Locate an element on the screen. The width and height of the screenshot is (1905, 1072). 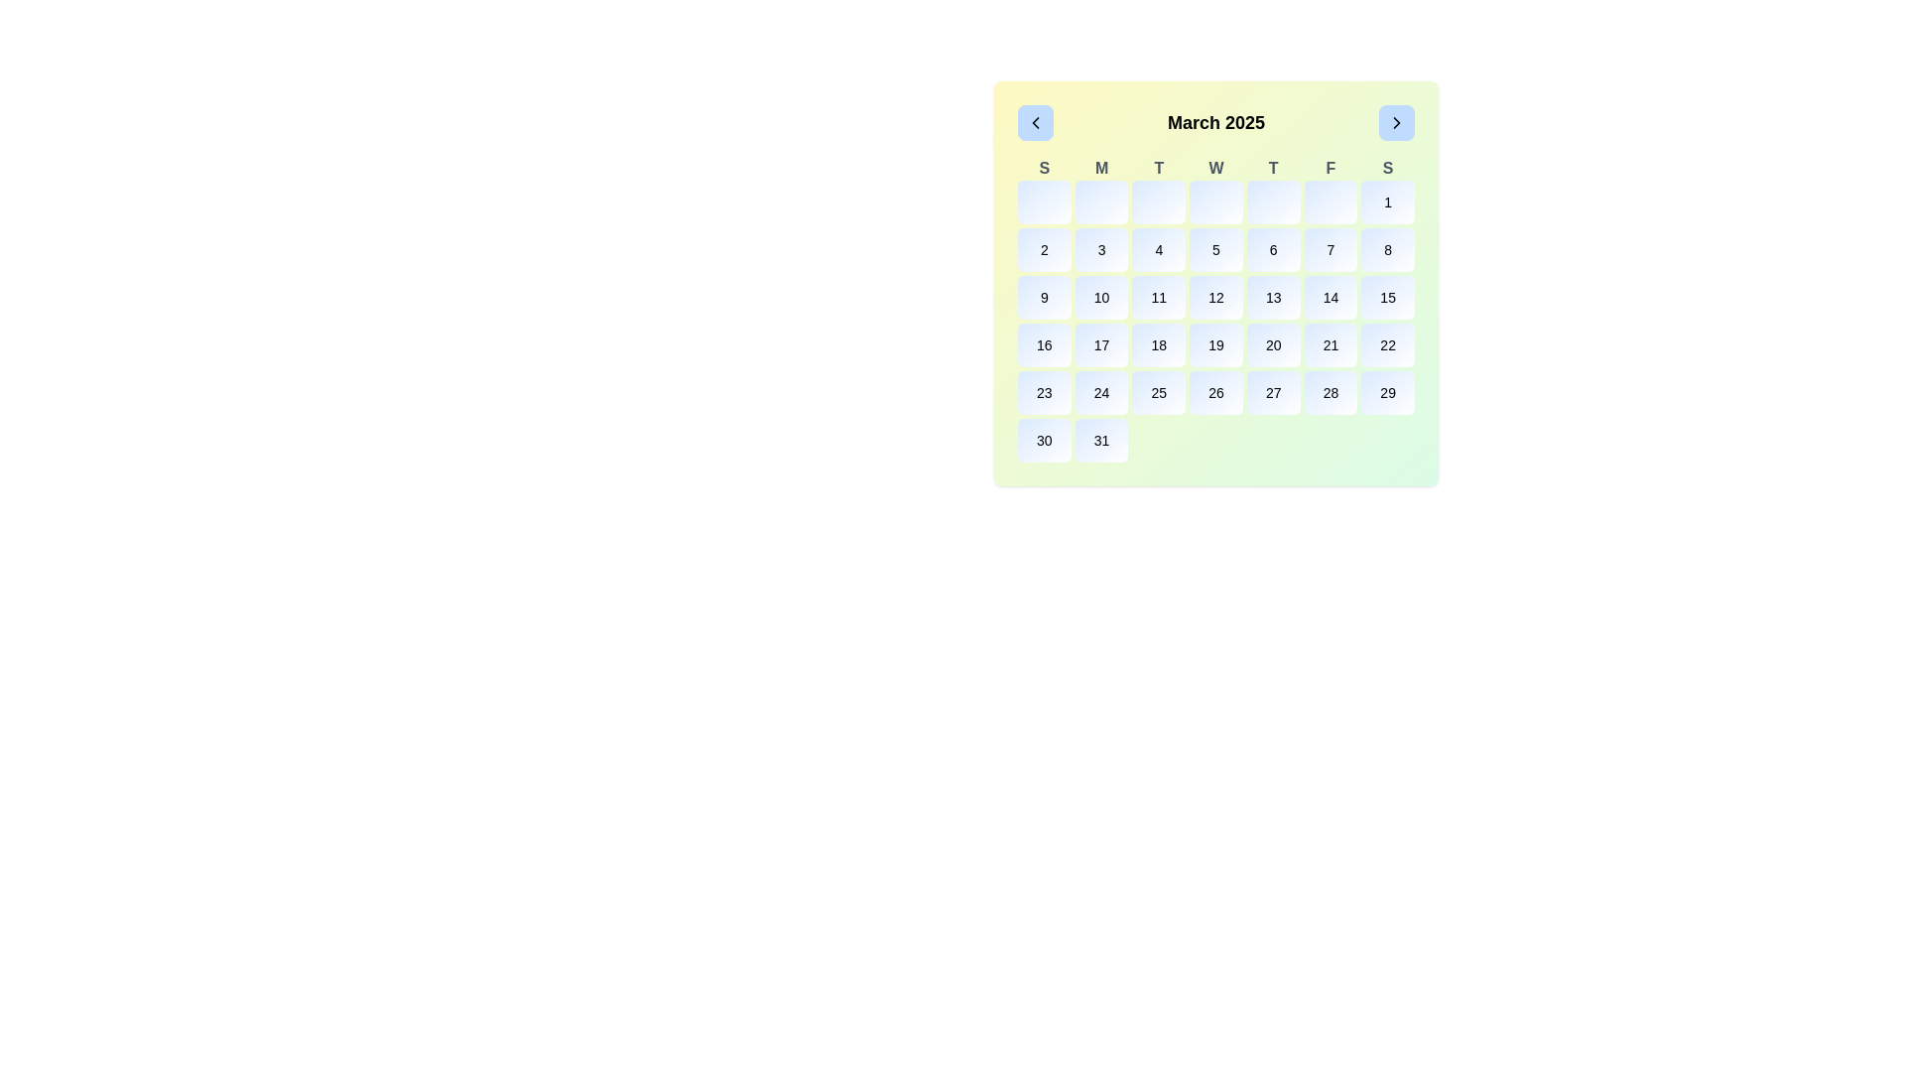
the rounded rectangular button displaying the number '4' is located at coordinates (1159, 248).